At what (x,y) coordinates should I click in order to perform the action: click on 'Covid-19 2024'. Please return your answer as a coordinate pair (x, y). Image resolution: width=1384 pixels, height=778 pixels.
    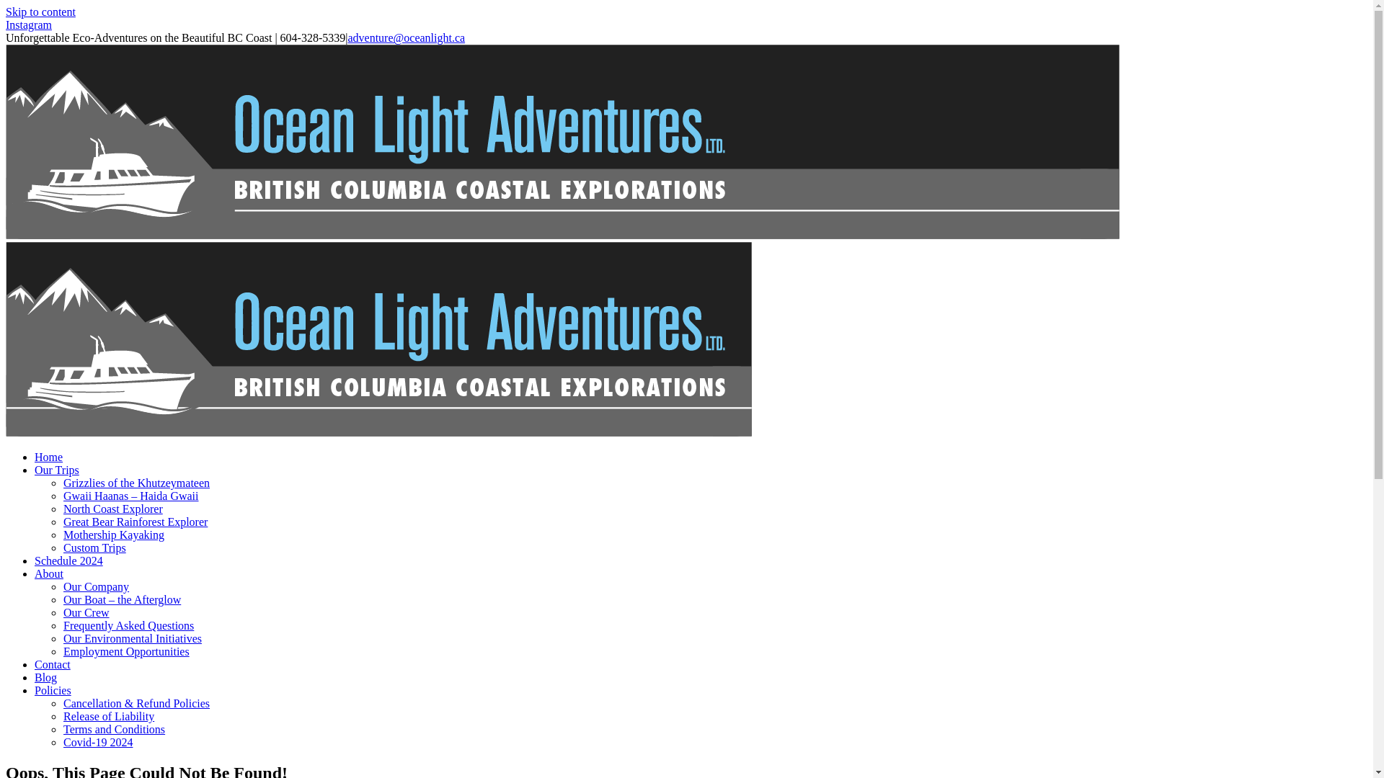
    Looking at the image, I should click on (62, 742).